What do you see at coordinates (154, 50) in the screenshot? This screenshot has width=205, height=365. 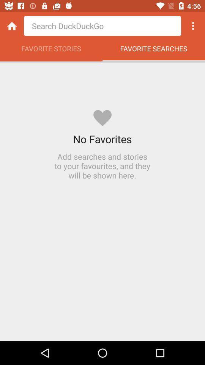 I see `app to the right of the favorite stories` at bounding box center [154, 50].